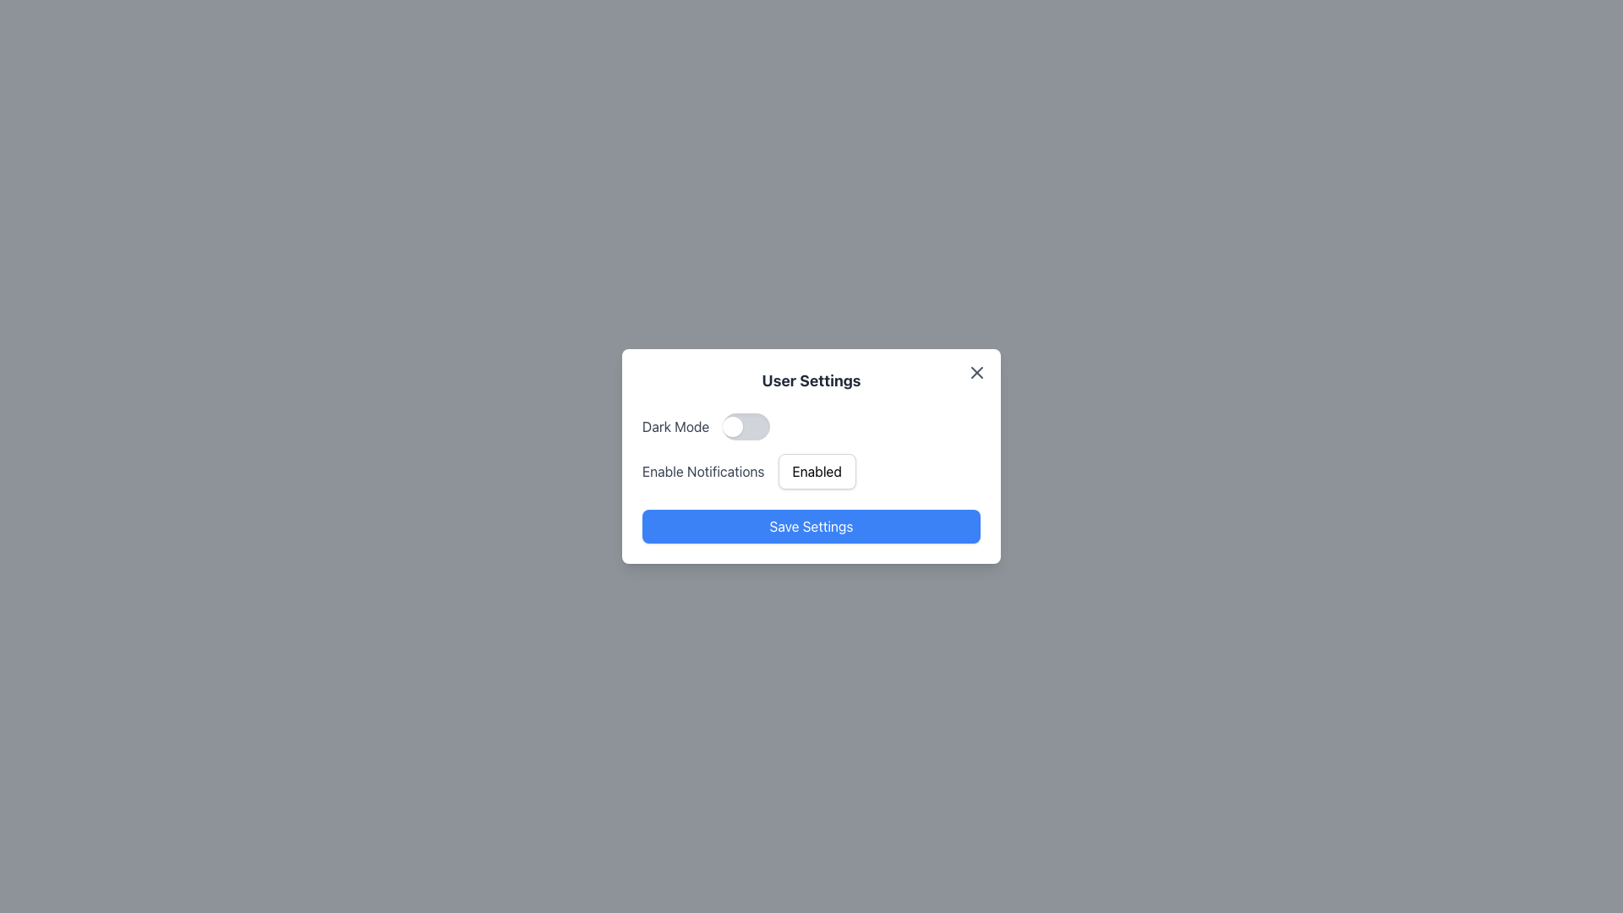 The image size is (1623, 913). I want to click on the circular toggle knob located within the settings dialog box, adjacent, so click(733, 426).